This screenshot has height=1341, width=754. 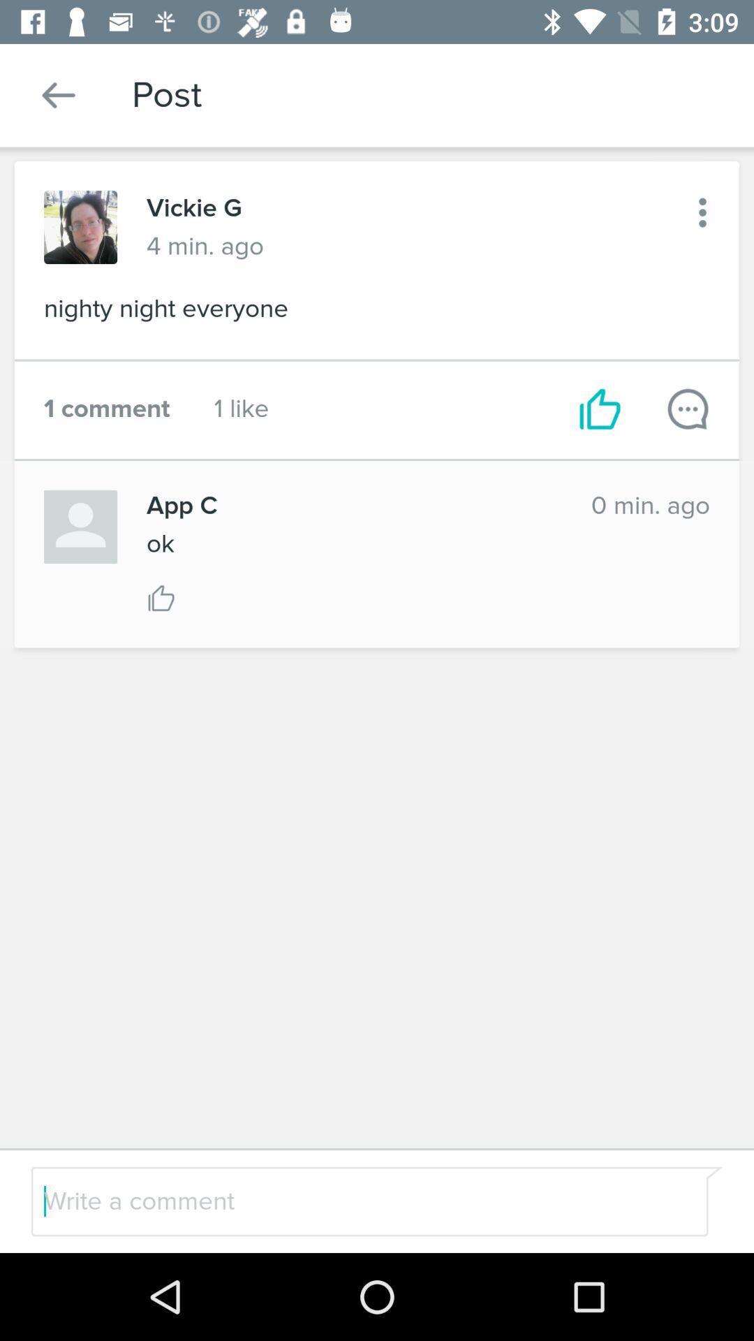 I want to click on icon to the left of the post, so click(x=58, y=94).